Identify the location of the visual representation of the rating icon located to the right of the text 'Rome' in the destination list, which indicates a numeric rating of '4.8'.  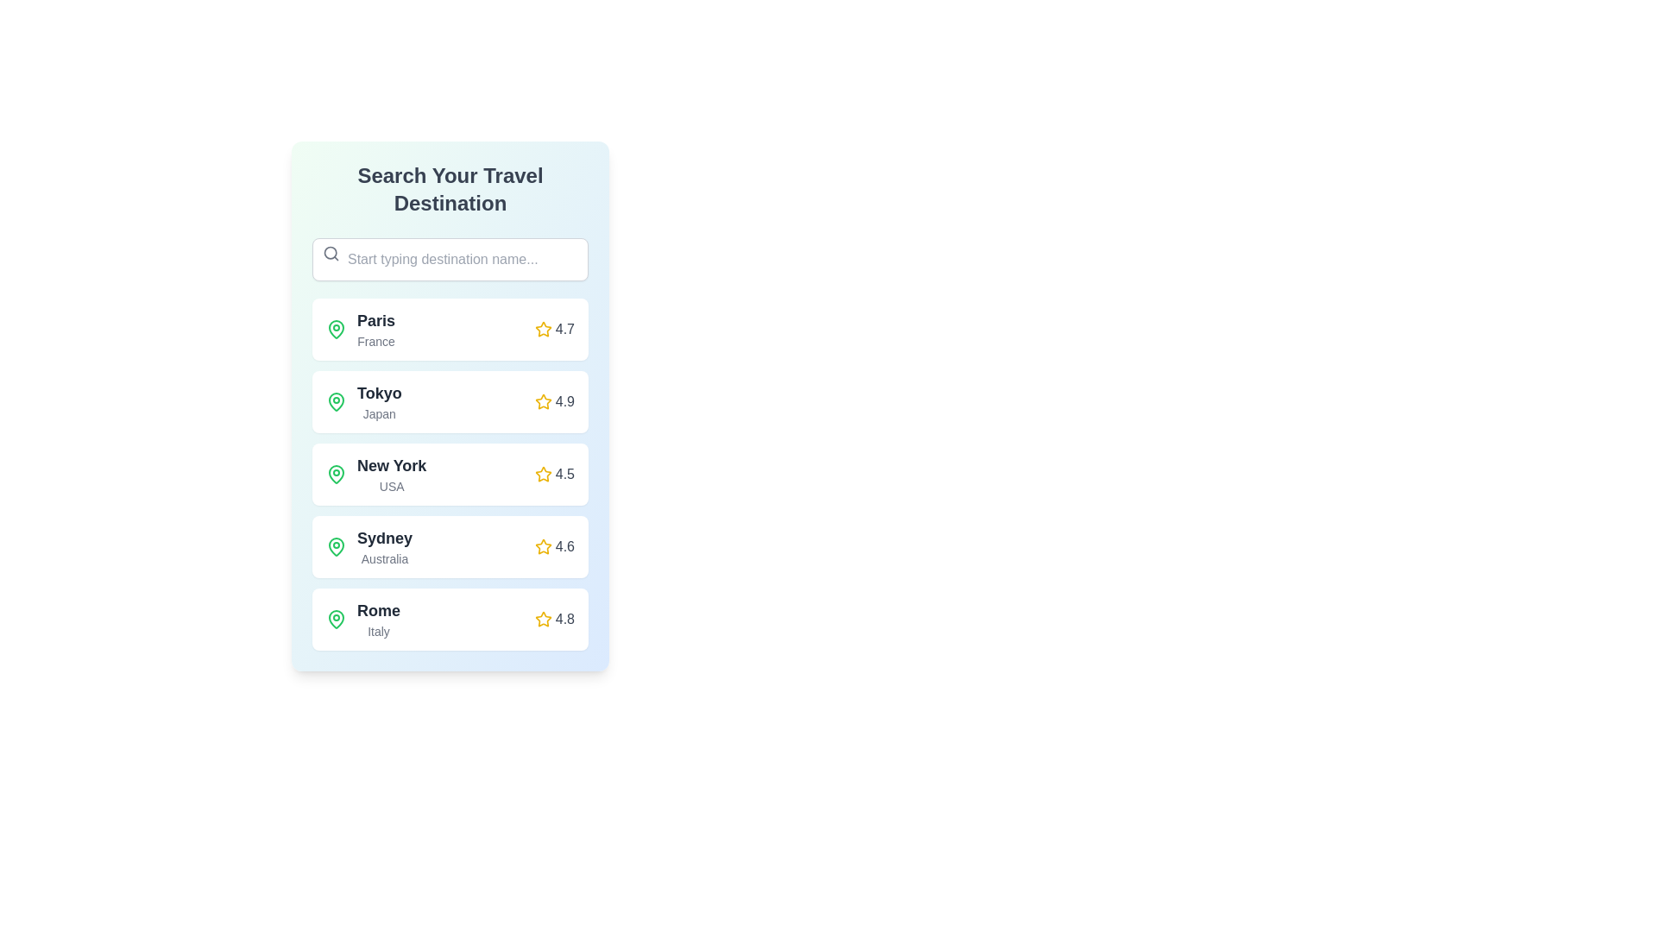
(542, 618).